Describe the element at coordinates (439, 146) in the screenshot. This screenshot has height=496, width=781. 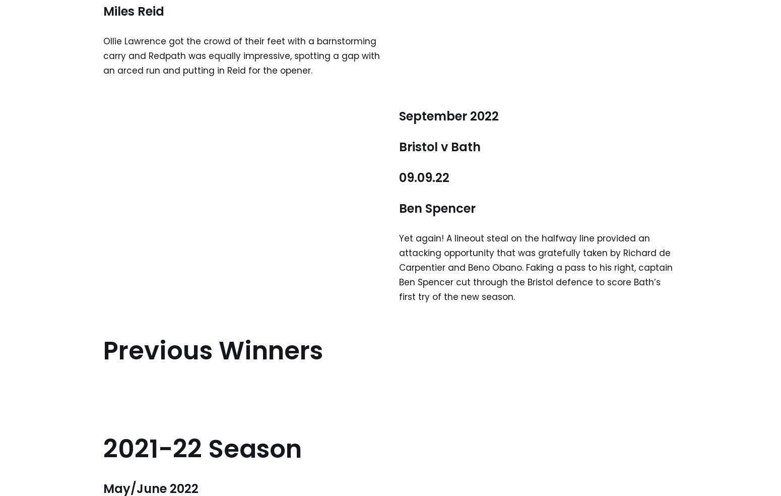
I see `'Bristol v Bath'` at that location.